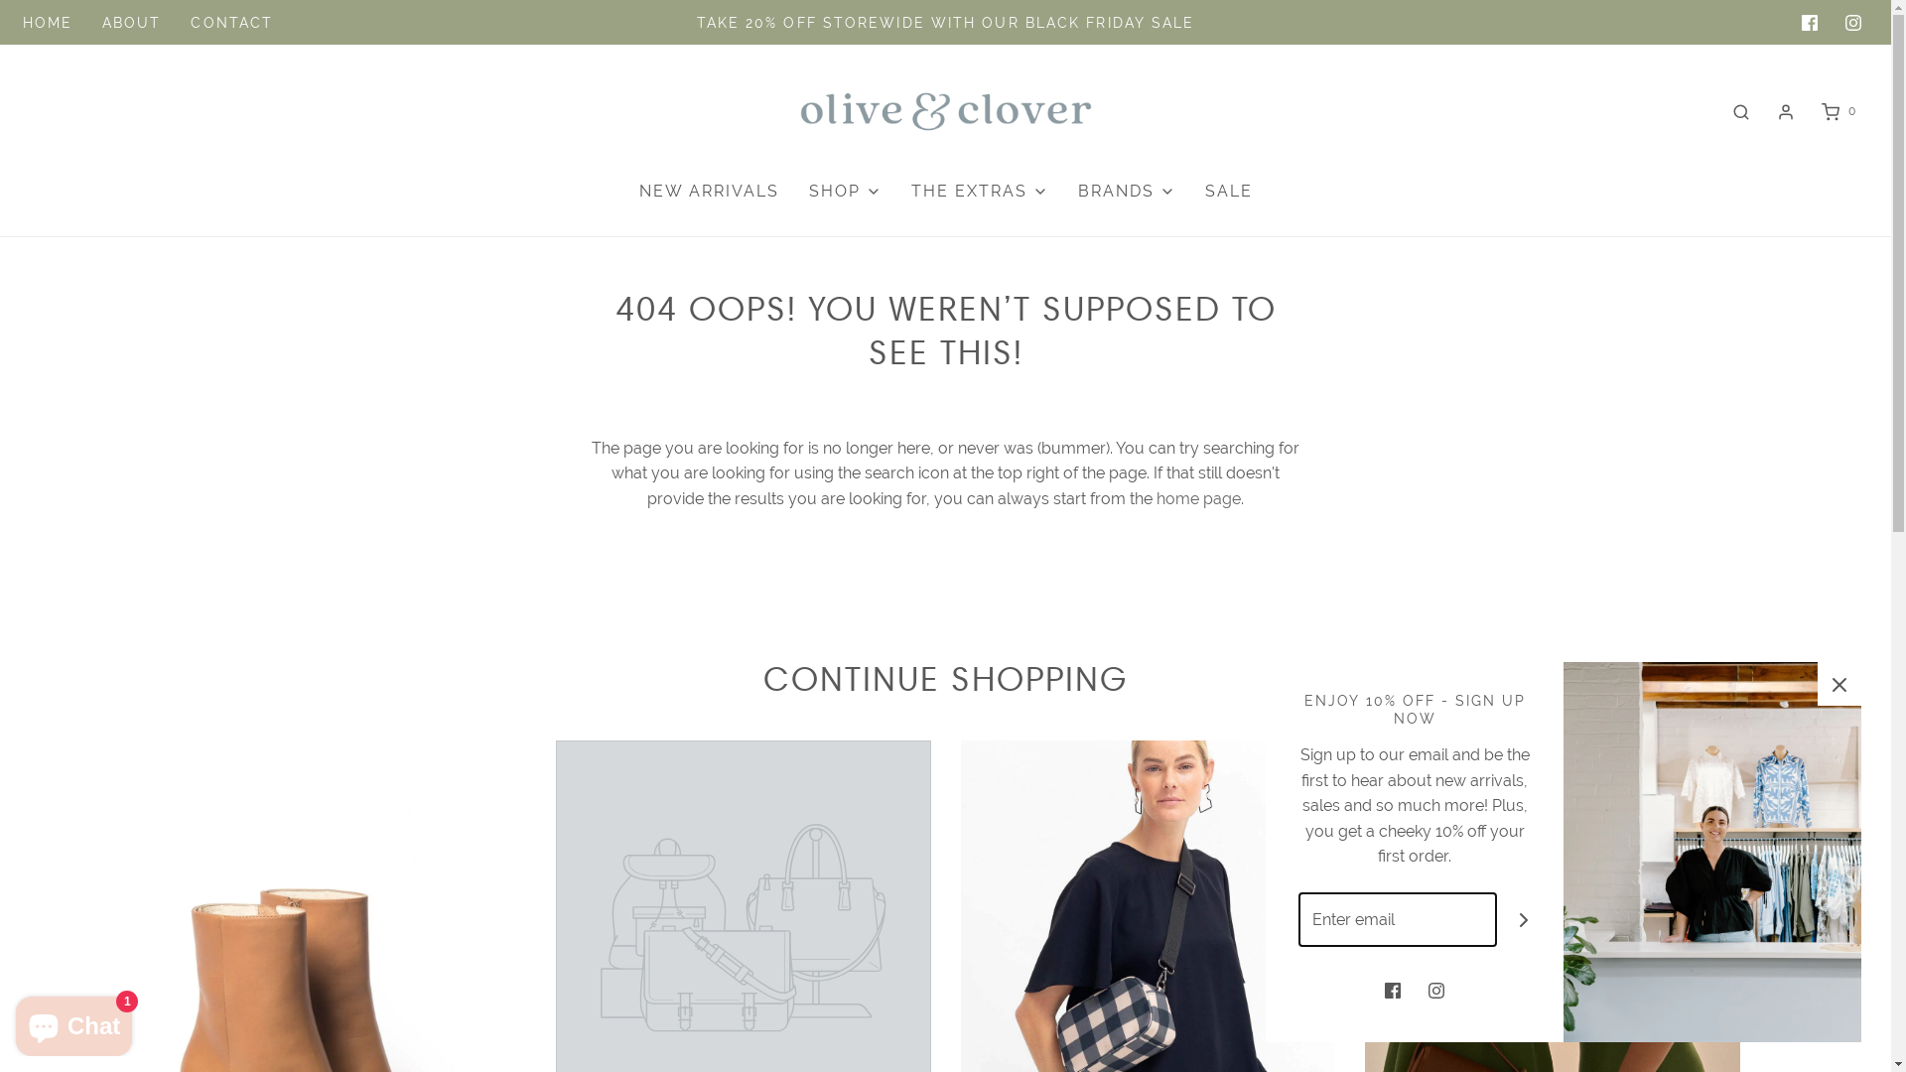  Describe the element at coordinates (1786, 111) in the screenshot. I see `'Log in'` at that location.